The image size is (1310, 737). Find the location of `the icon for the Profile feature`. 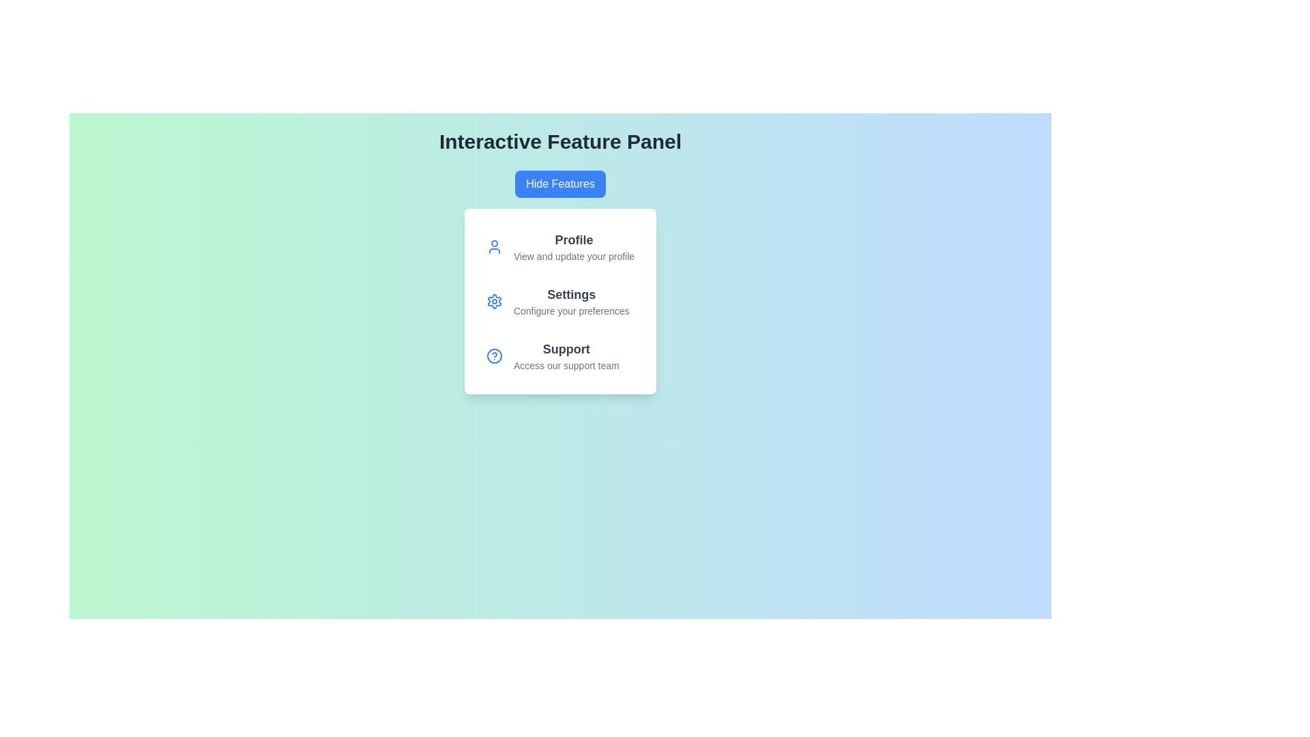

the icon for the Profile feature is located at coordinates (493, 247).